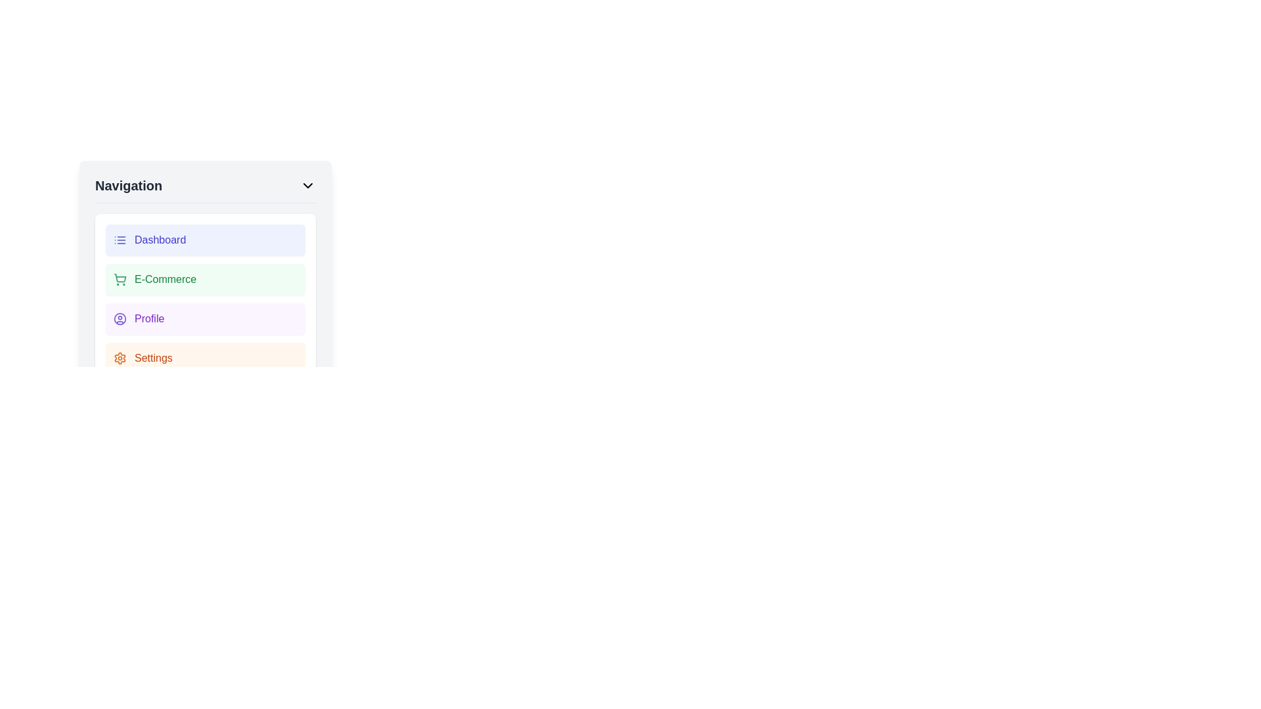  I want to click on the section labeled 'Dashboard', so click(160, 240).